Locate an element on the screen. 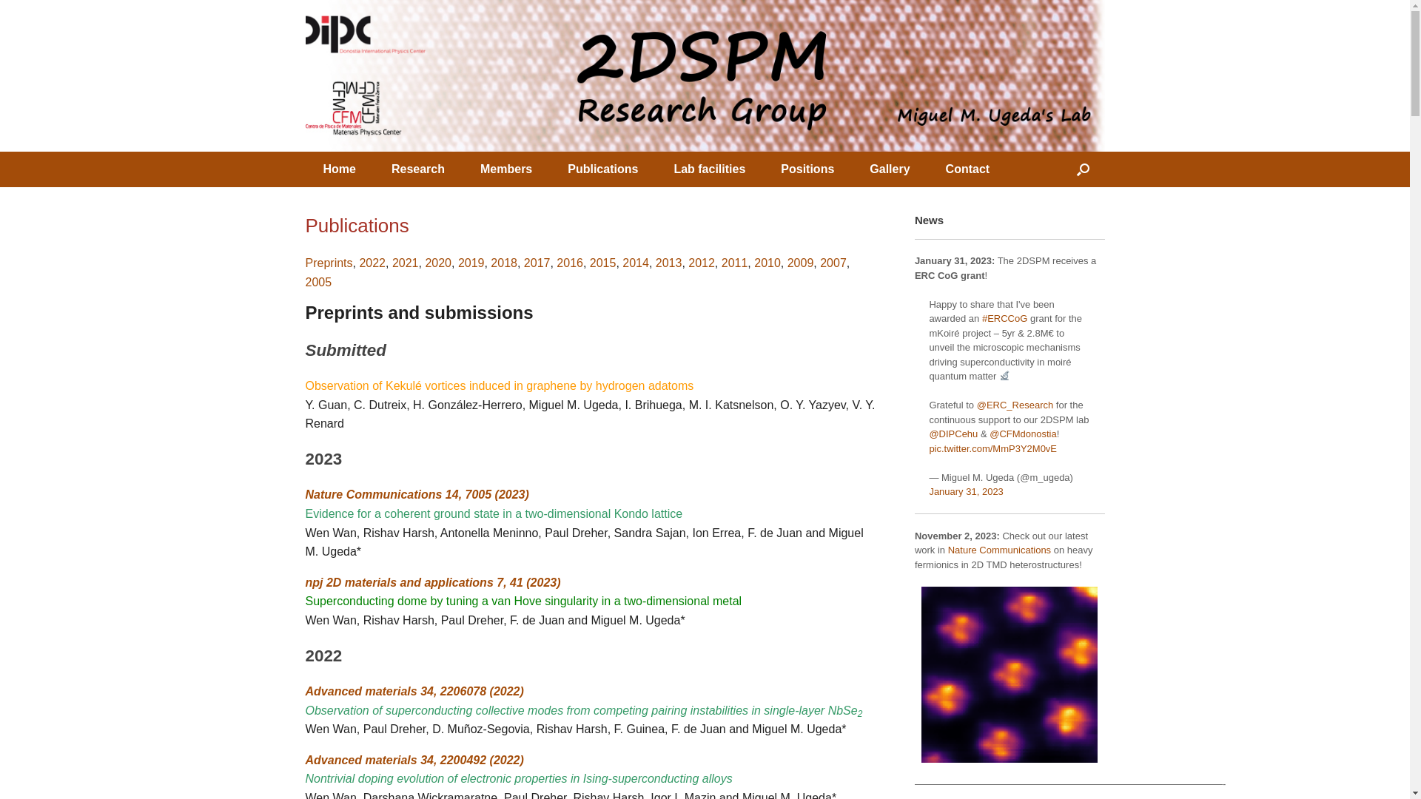 This screenshot has height=799, width=1421. 'Contact' is located at coordinates (927, 168).